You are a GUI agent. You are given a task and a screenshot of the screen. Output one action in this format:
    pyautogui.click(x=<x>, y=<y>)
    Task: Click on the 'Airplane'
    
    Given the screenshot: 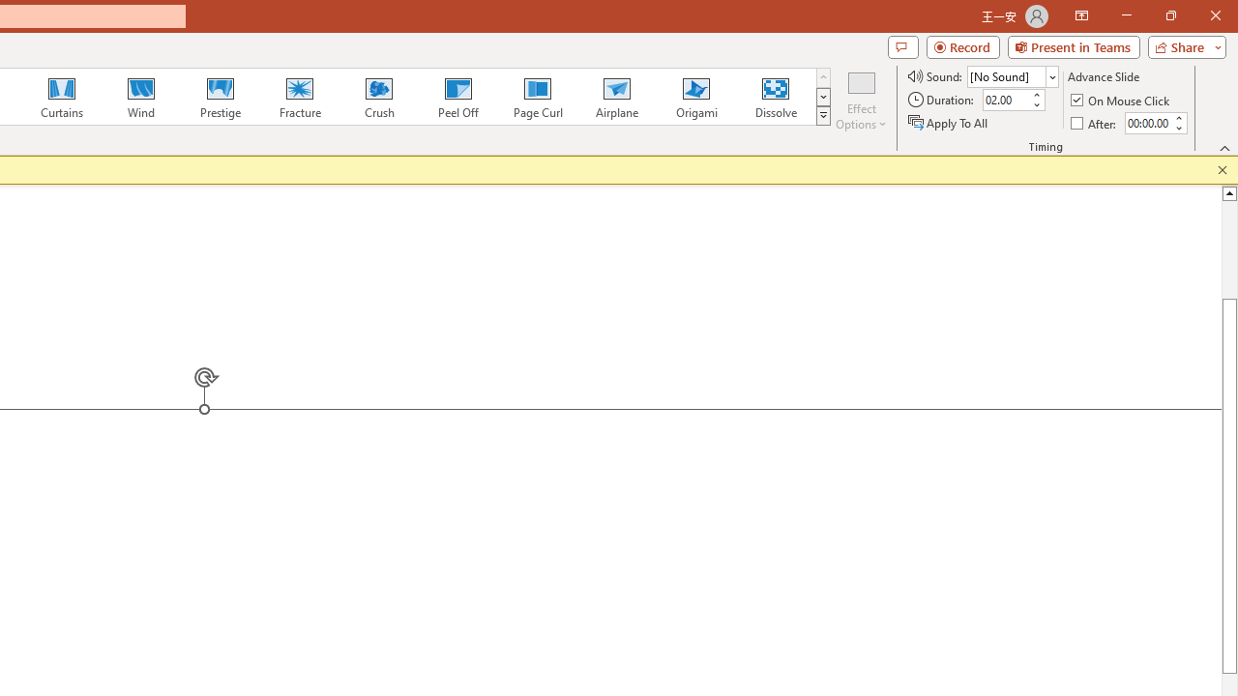 What is the action you would take?
    pyautogui.click(x=615, y=97)
    